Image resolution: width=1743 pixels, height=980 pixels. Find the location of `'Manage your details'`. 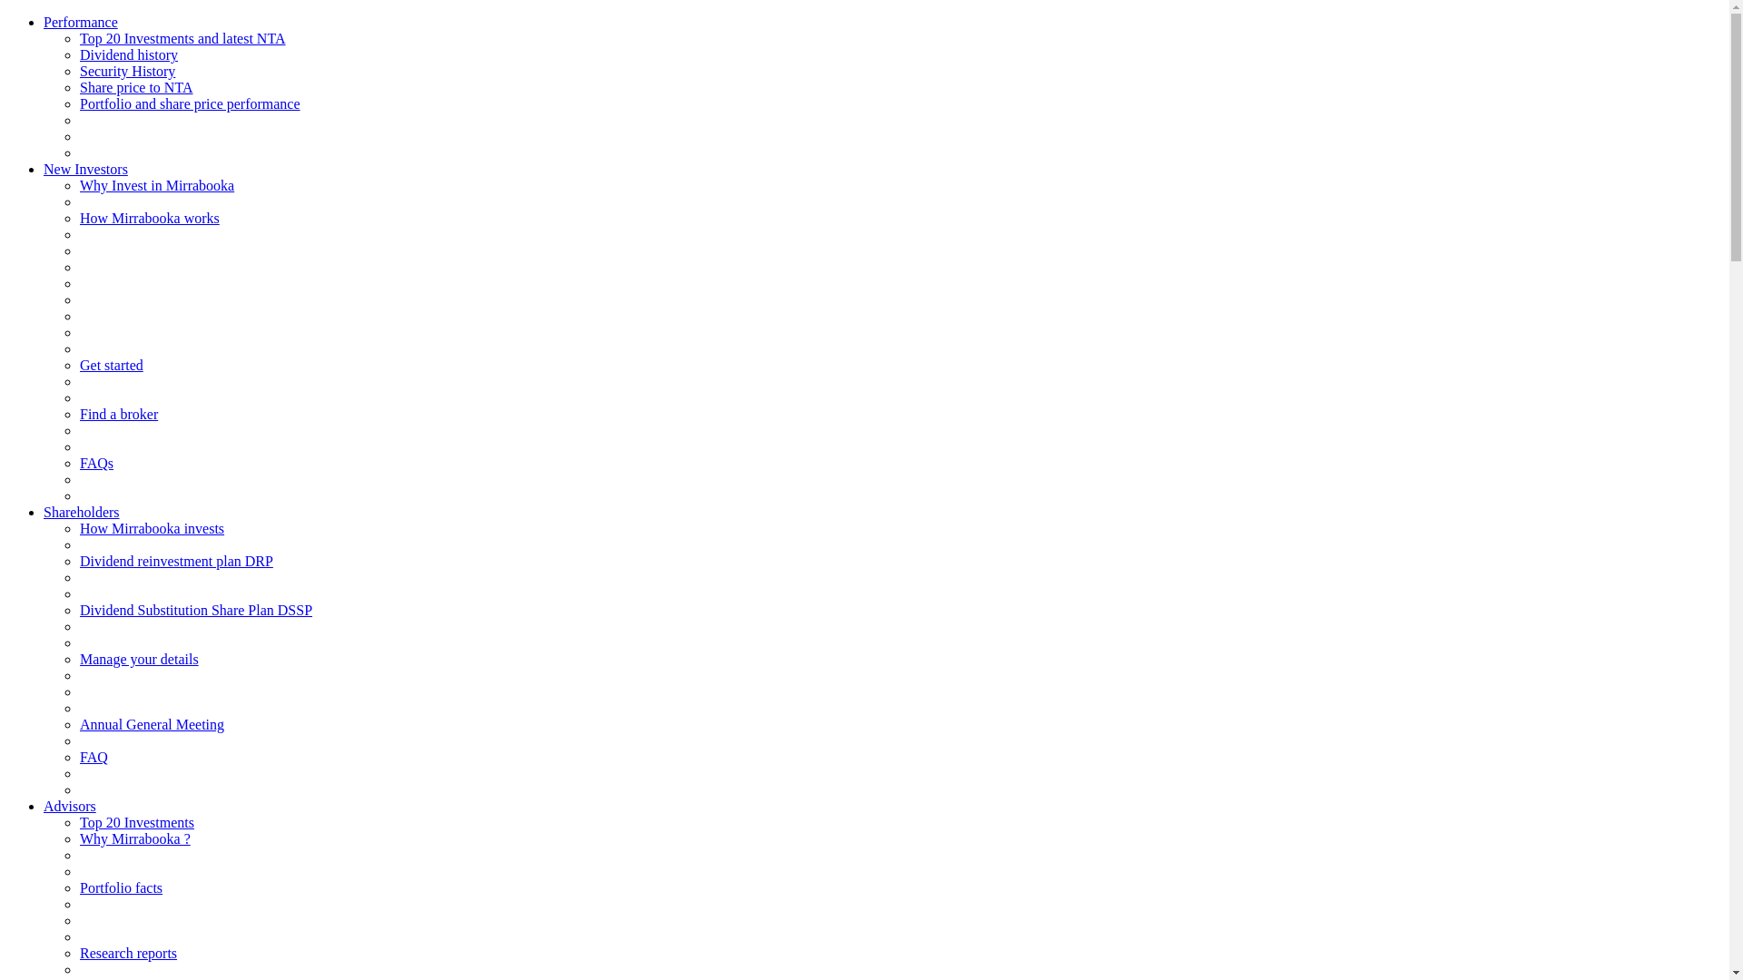

'Manage your details' is located at coordinates (138, 659).